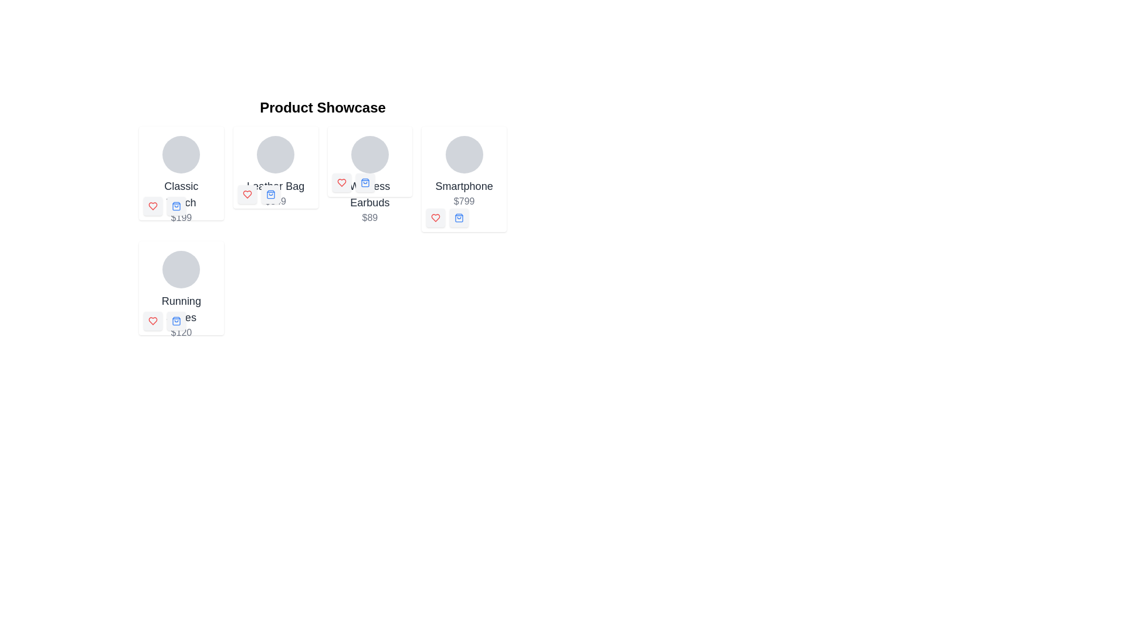  I want to click on the Product Display Card featuring 'Wireless Earbuds' and priced at '$89', which is the third item in a horizontally arranged grid of four items, so click(369, 162).